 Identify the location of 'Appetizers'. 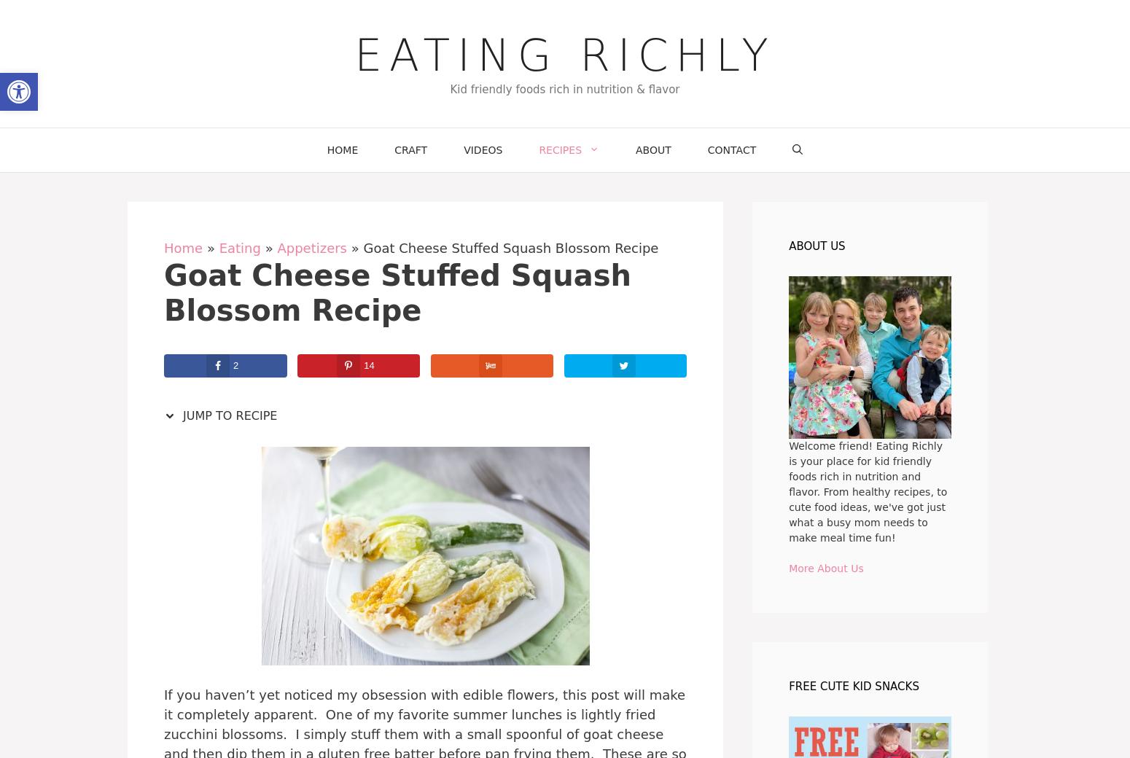
(276, 246).